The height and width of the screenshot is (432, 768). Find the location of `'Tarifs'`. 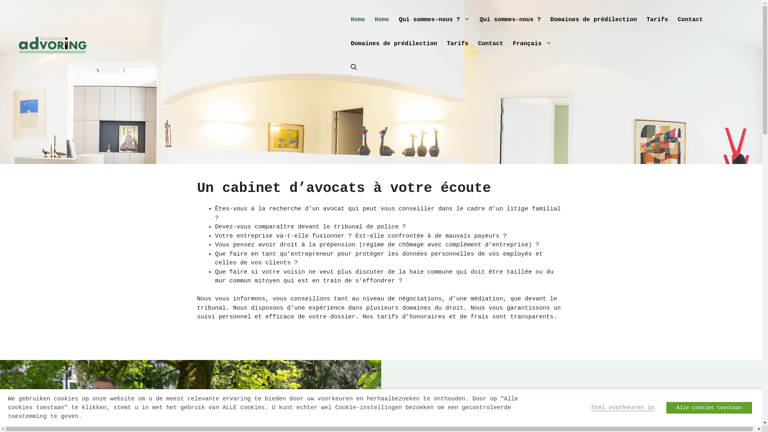

'Tarifs' is located at coordinates (441, 44).